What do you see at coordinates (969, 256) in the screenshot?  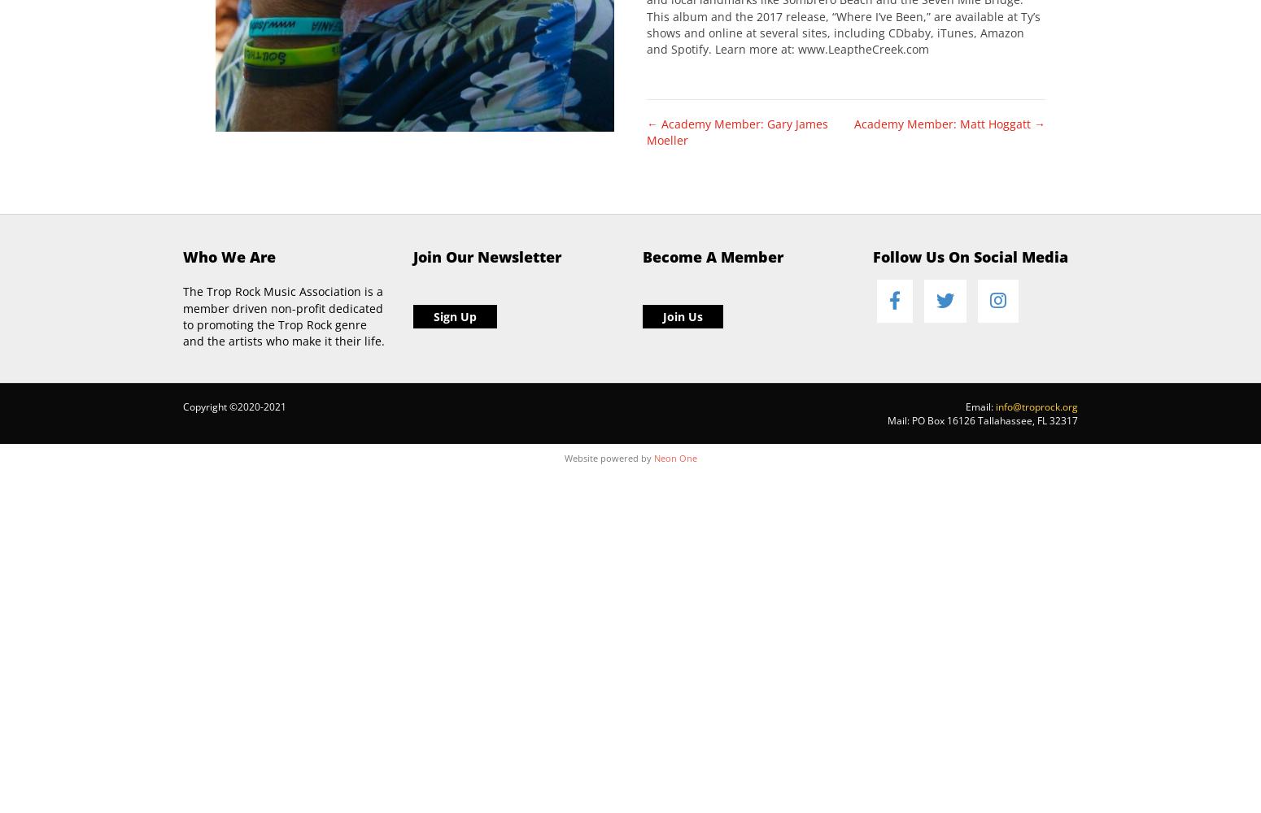 I see `'Follow us on social media'` at bounding box center [969, 256].